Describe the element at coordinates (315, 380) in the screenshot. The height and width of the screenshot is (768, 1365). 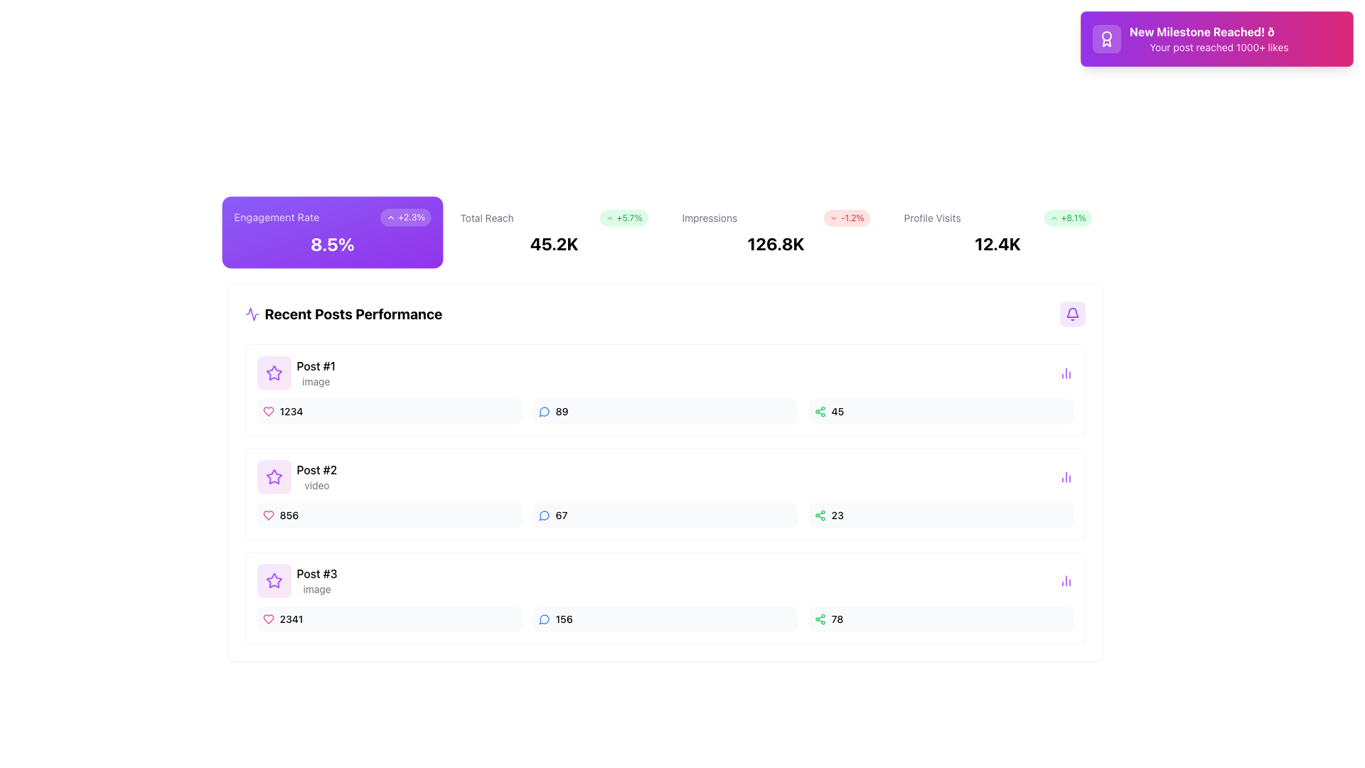
I see `the static text label displaying 'image' in small, gray-colored font, located beneath 'Post #1' in the 'Recent Posts Performance' section` at that location.